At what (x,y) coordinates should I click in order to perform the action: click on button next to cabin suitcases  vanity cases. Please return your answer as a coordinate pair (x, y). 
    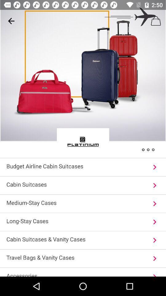
    Looking at the image, I should click on (154, 240).